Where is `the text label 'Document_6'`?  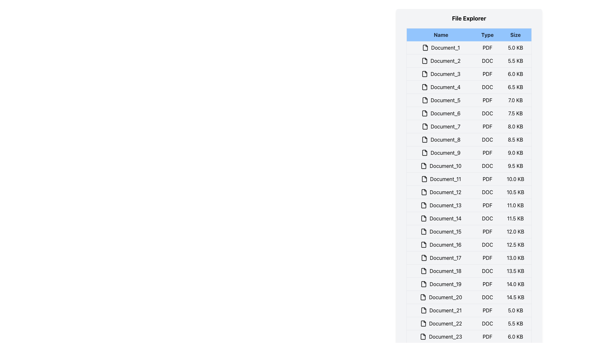
the text label 'Document_6' is located at coordinates (441, 113).